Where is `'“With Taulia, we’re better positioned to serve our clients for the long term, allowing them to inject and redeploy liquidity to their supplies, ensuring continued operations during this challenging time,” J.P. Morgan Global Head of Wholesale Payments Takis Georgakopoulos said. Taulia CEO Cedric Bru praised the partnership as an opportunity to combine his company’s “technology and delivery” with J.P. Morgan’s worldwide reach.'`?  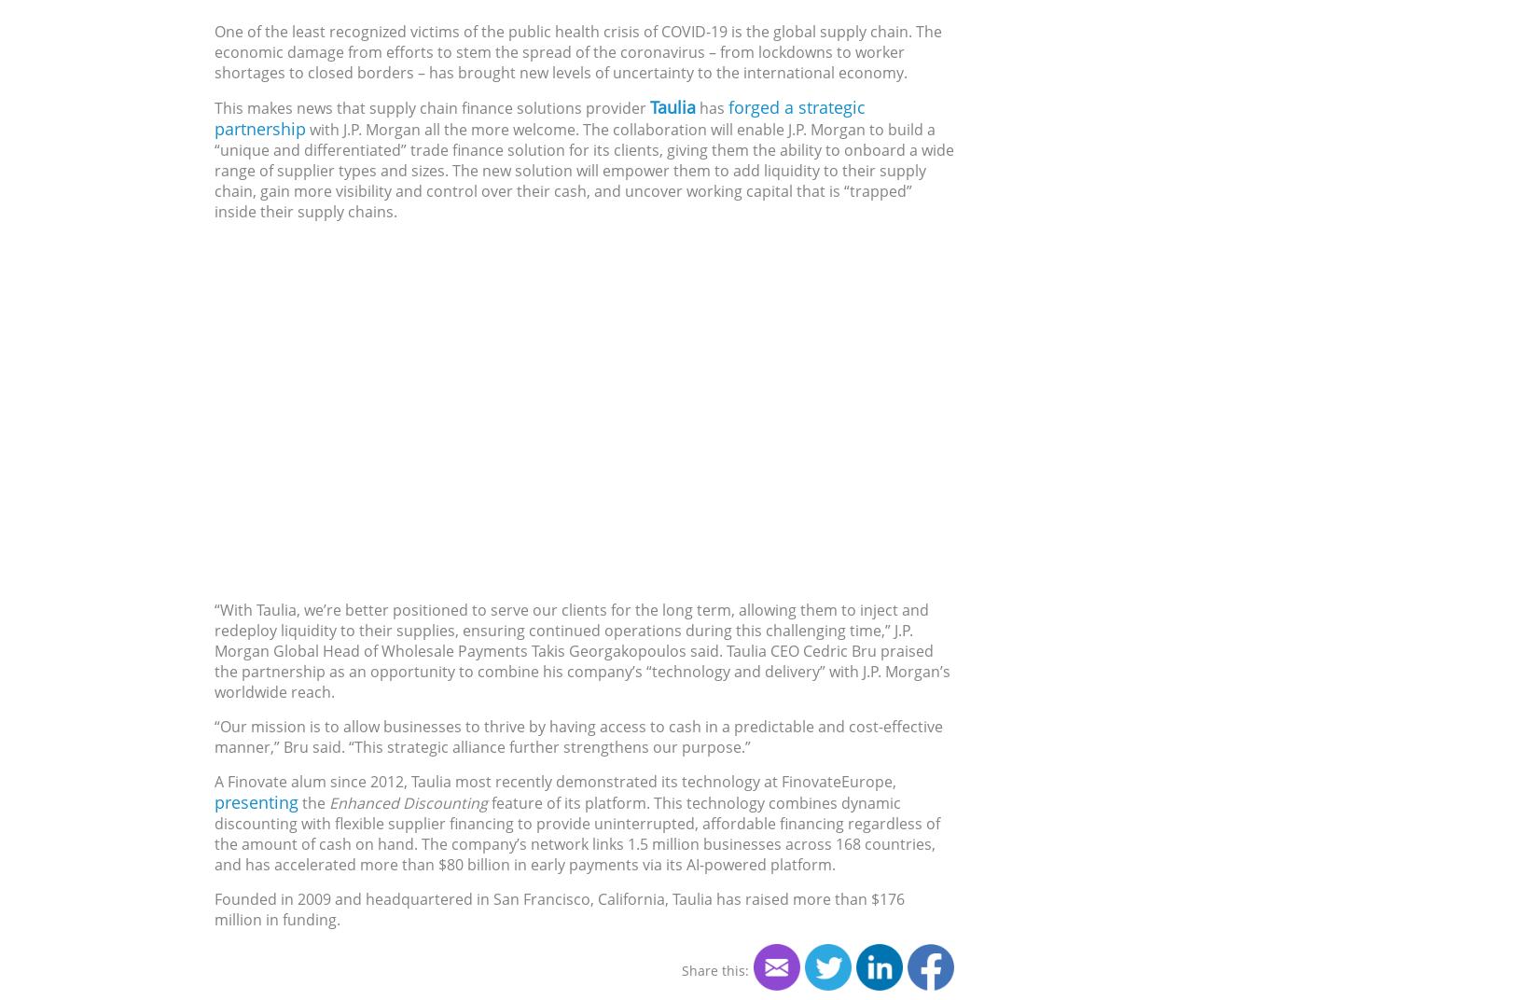
'“With Taulia, we’re better positioned to serve our clients for the long term, allowing them to inject and redeploy liquidity to their supplies, ensuring continued operations during this challenging time,” J.P. Morgan Global Head of Wholesale Payments Takis Georgakopoulos said. Taulia CEO Cedric Bru praised the partnership as an opportunity to combine his company’s “technology and delivery” with J.P. Morgan’s worldwide reach.' is located at coordinates (581, 649).